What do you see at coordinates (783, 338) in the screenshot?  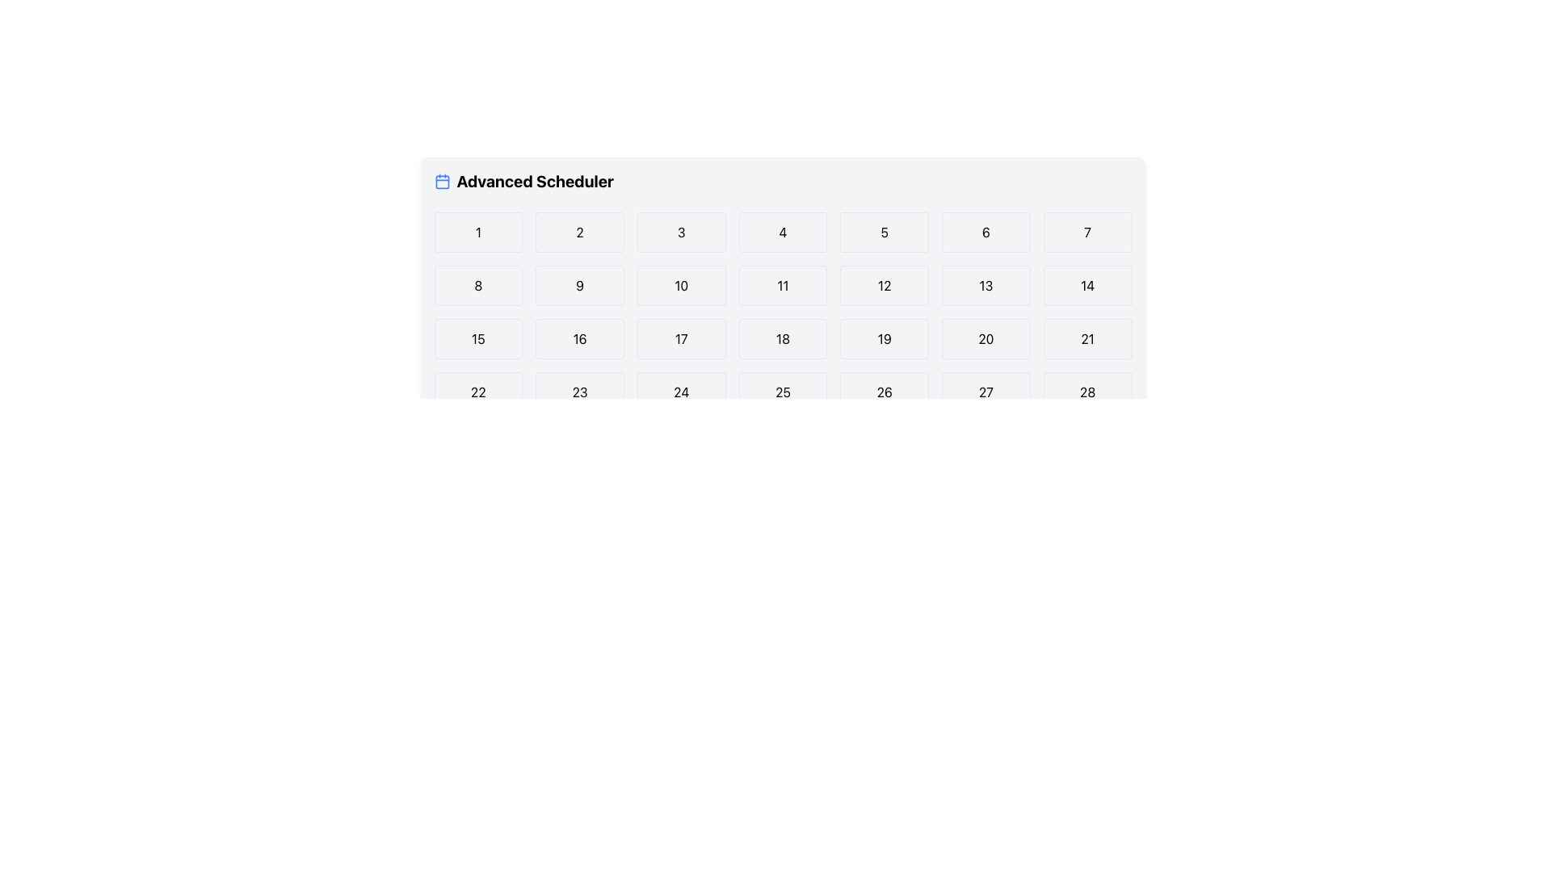 I see `the button with a grey rounded border containing the text '18'` at bounding box center [783, 338].